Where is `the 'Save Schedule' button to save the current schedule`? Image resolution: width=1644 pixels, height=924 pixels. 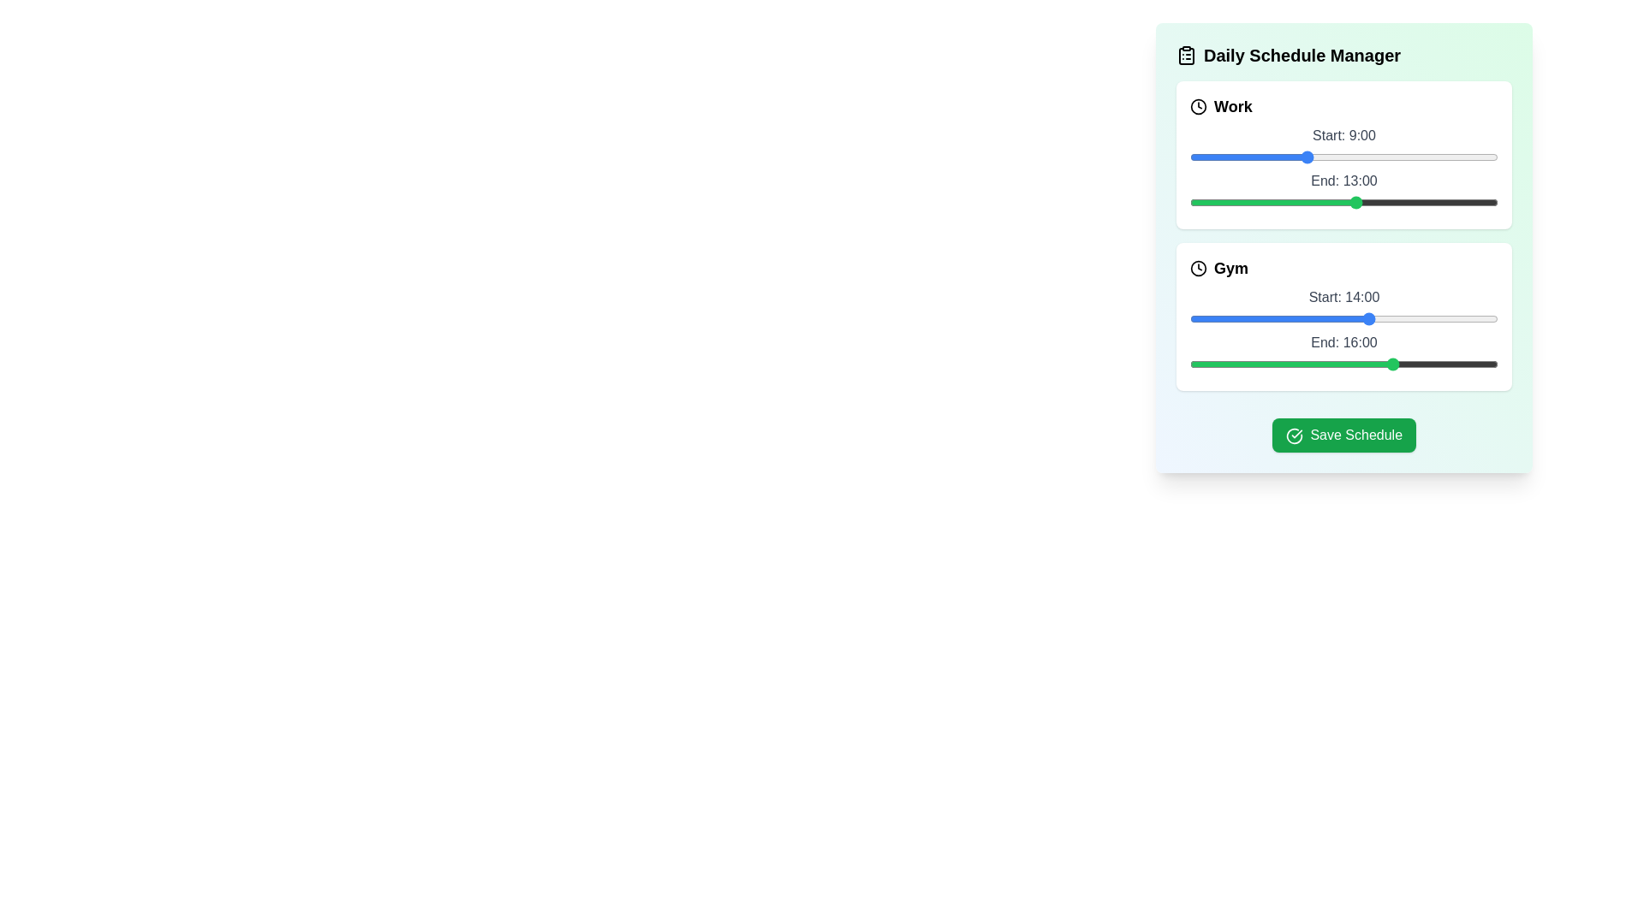 the 'Save Schedule' button to save the current schedule is located at coordinates (1343, 435).